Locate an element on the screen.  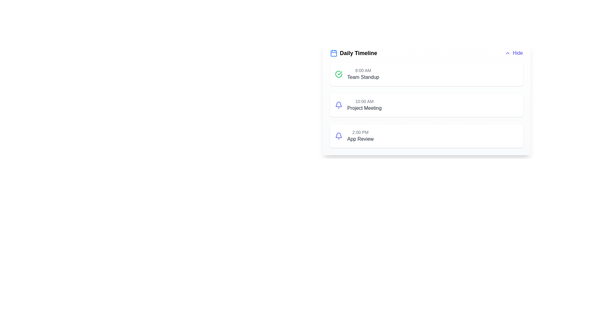
the button located at the top-right corner of the 'Daily Timeline' section is located at coordinates (514, 53).